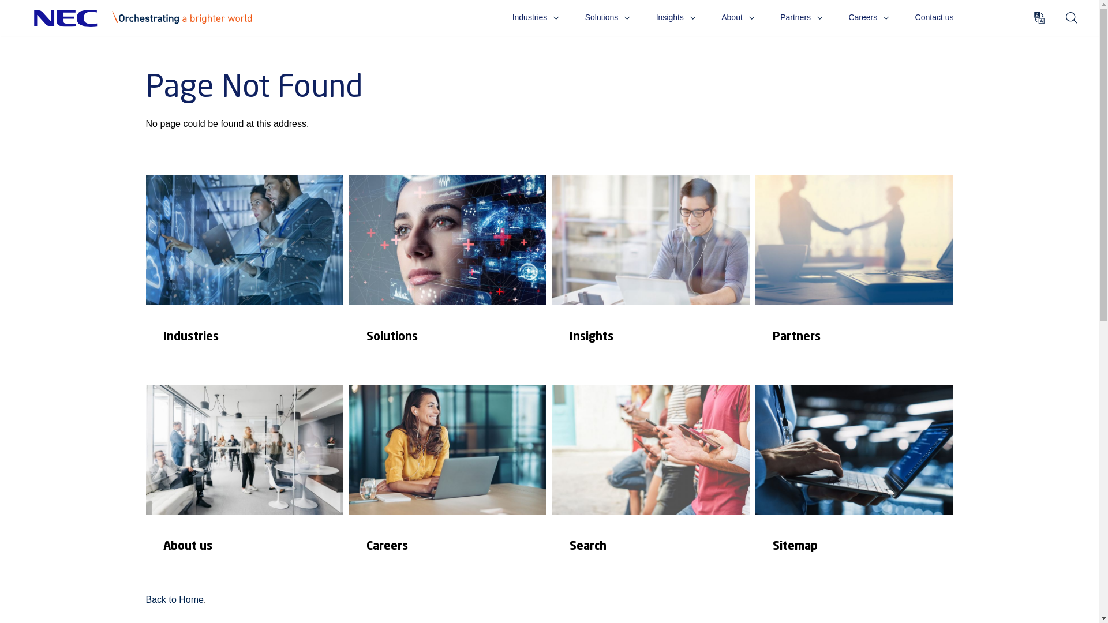  I want to click on 'About us', so click(243, 487).